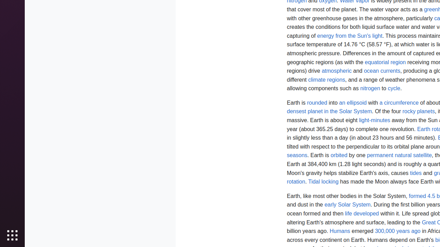 The image size is (440, 247). Describe the element at coordinates (339, 155) in the screenshot. I see `'orbited'` at that location.